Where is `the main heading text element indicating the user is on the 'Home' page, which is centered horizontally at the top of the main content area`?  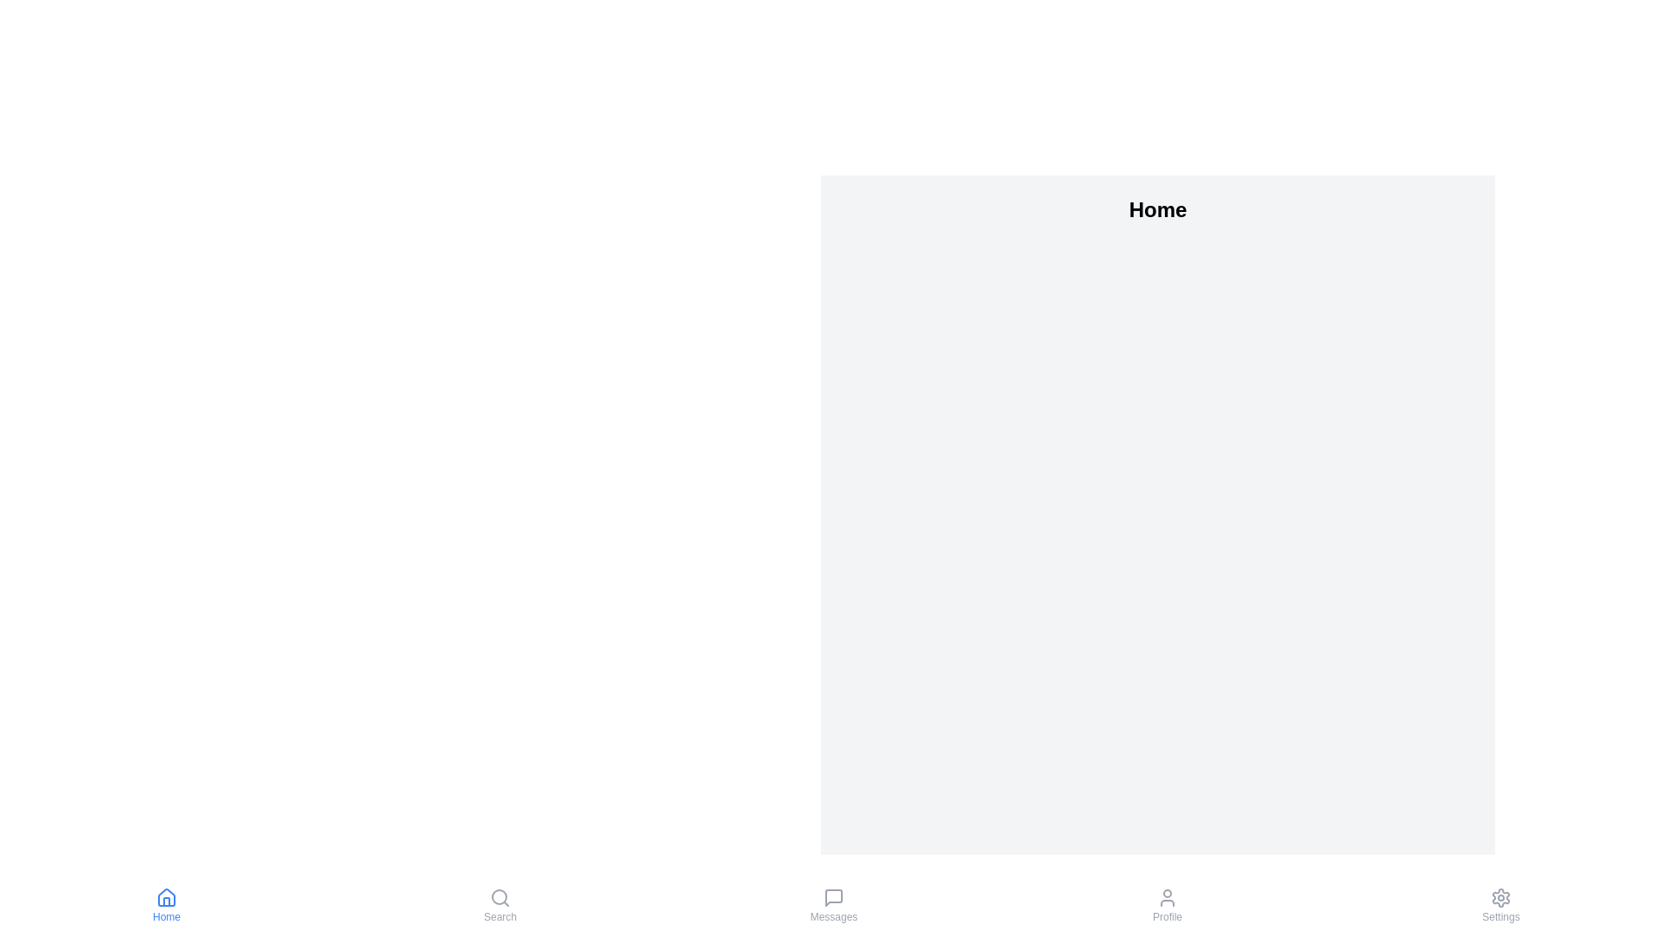
the main heading text element indicating the user is on the 'Home' page, which is centered horizontally at the top of the main content area is located at coordinates (1158, 209).